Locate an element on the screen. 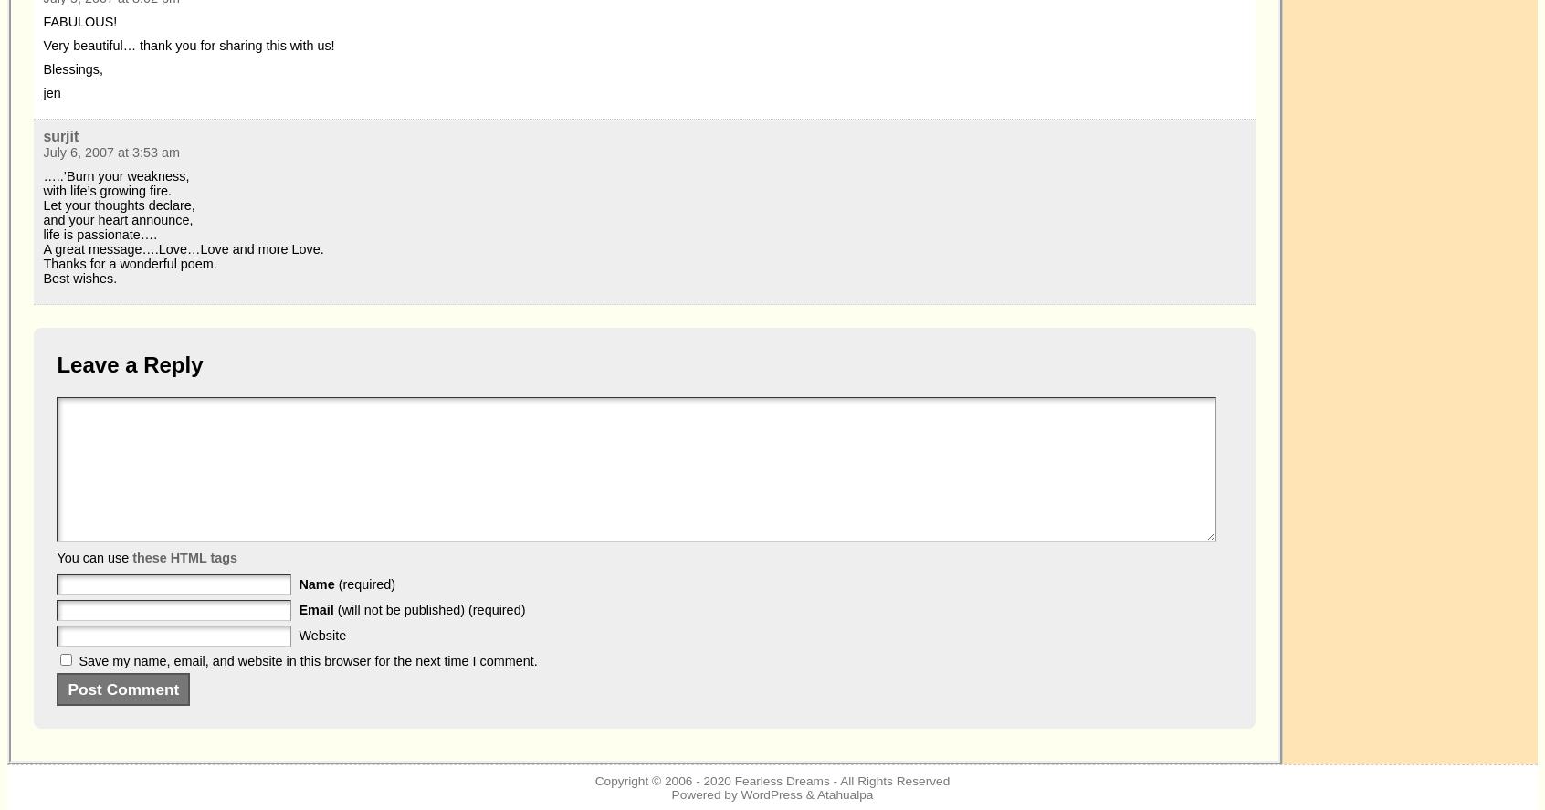  'Blessings,' is located at coordinates (73, 68).